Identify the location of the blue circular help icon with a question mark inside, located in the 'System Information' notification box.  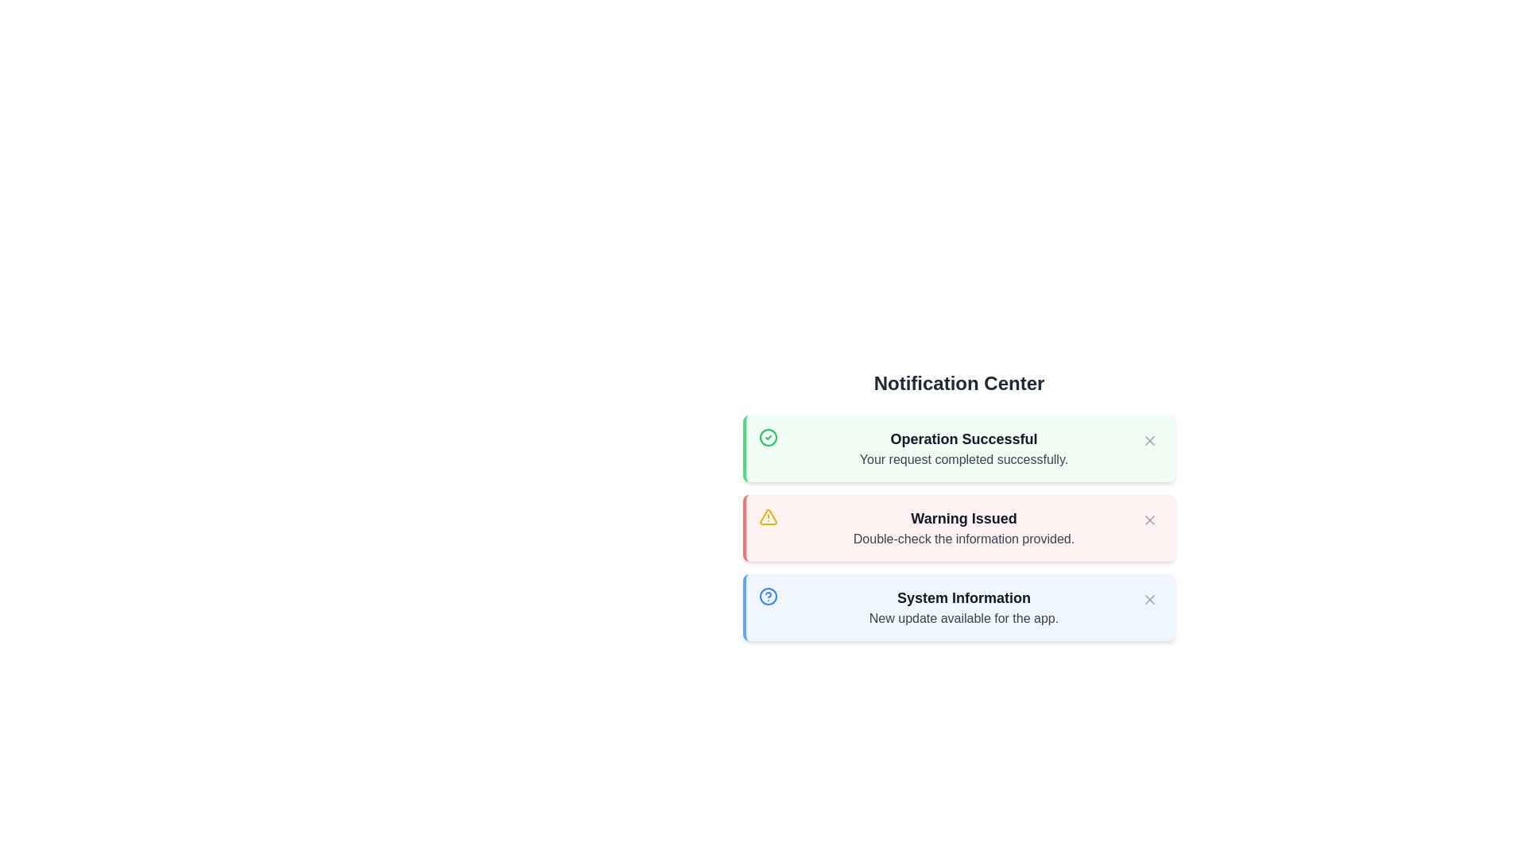
(768, 597).